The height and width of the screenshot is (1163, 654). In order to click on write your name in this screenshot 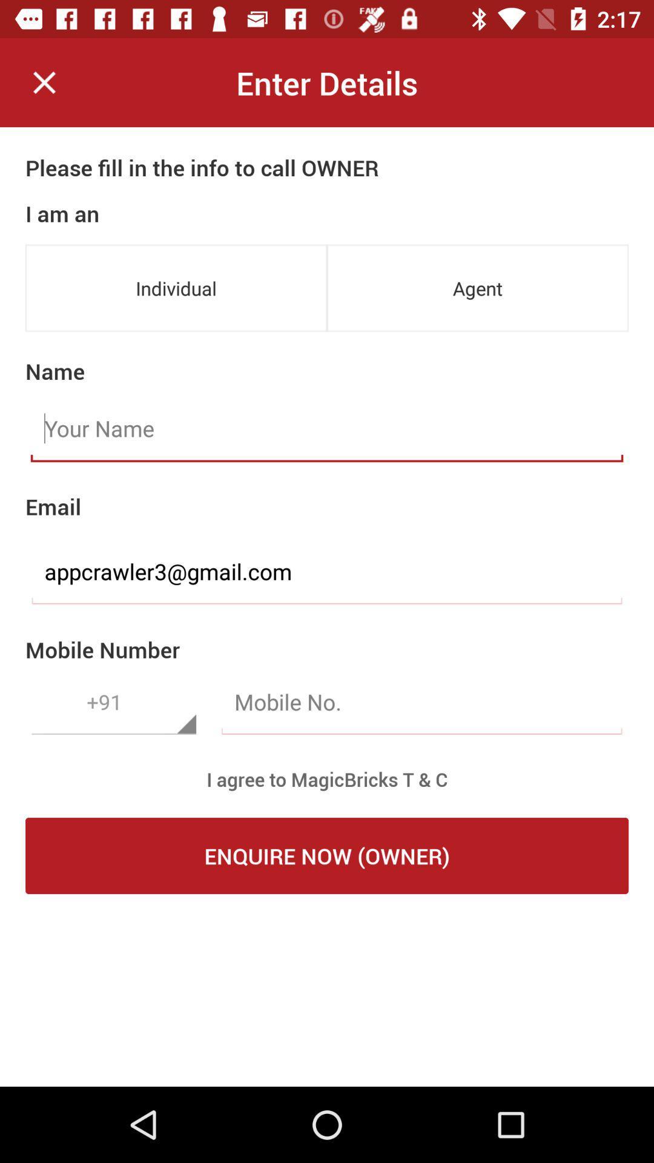, I will do `click(327, 429)`.